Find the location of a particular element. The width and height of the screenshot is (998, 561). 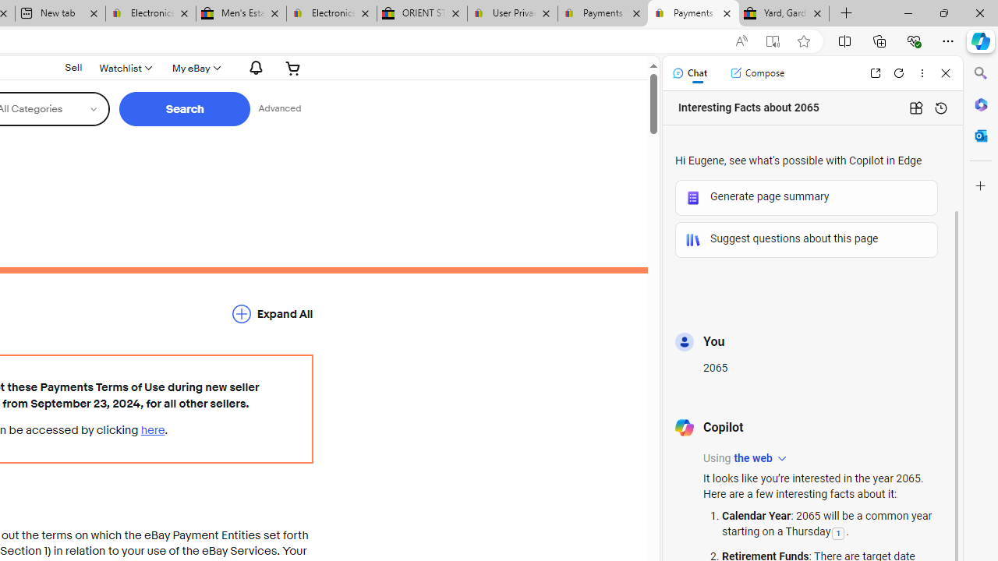

'AutomationID: gh-eb-Alerts' is located at coordinates (253, 67).